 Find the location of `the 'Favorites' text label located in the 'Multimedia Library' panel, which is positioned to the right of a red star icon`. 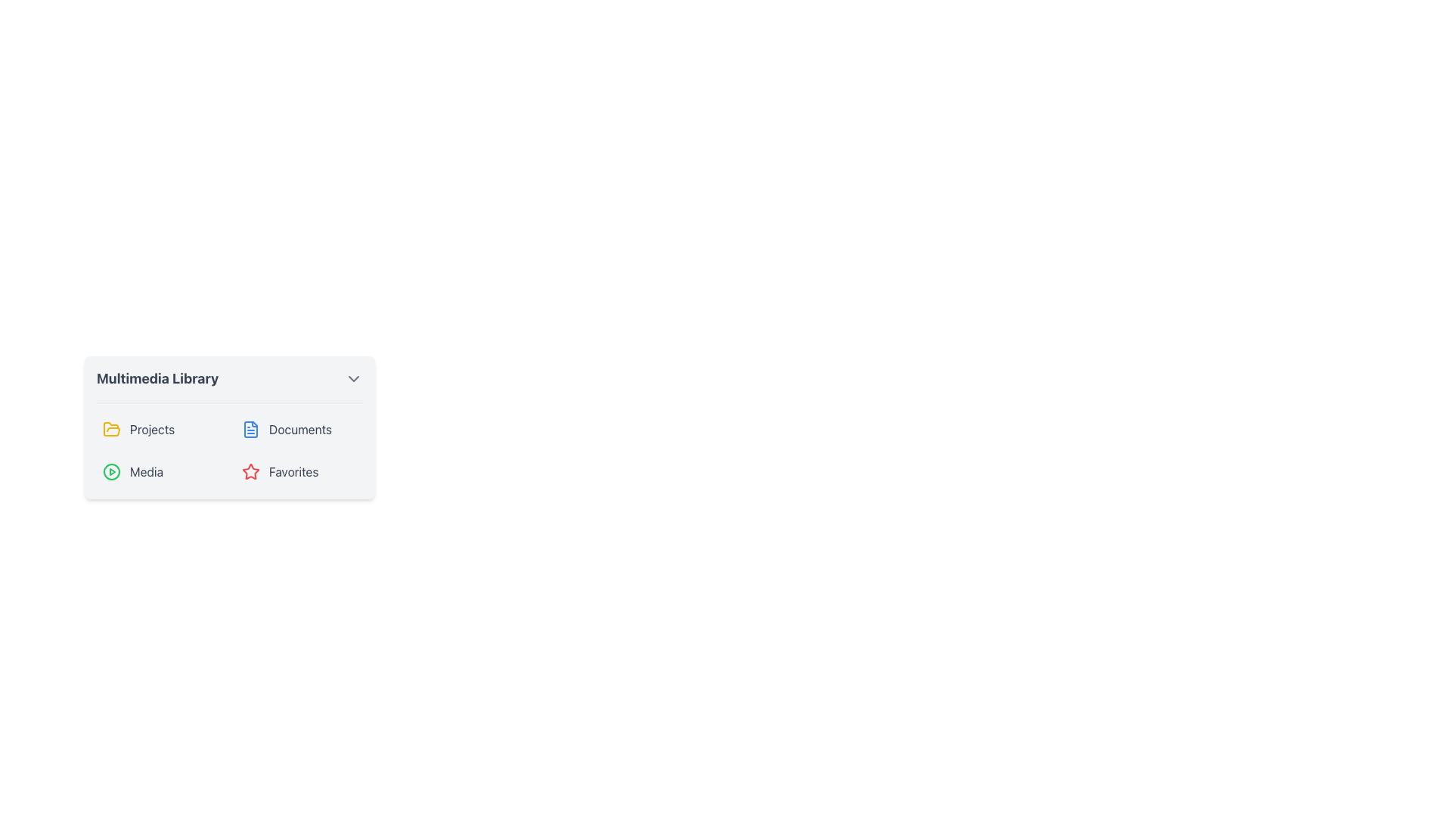

the 'Favorites' text label located in the 'Multimedia Library' panel, which is positioned to the right of a red star icon is located at coordinates (293, 471).